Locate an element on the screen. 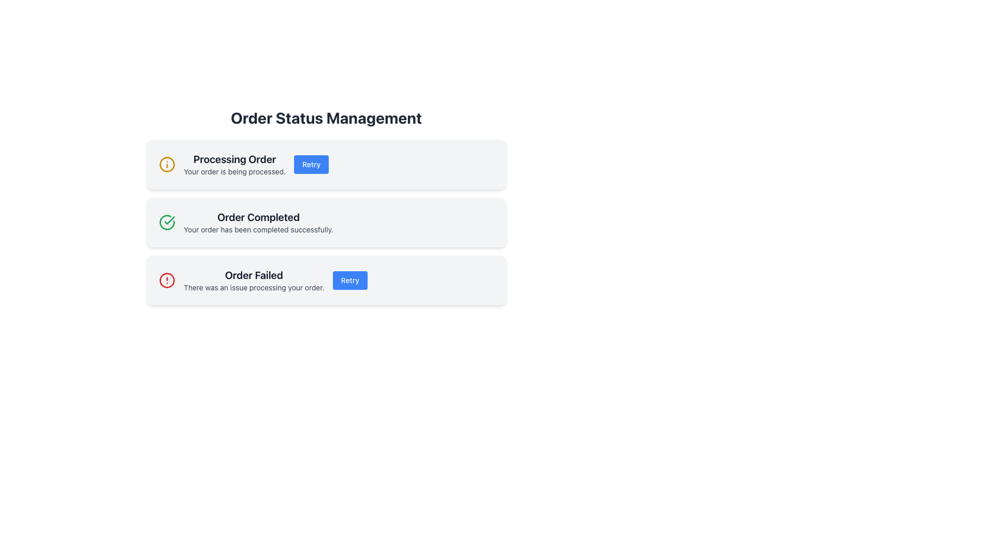 This screenshot has height=559, width=994. the status heading text label that indicates the current processing status of an order, which is located at the top of the first status item in a vertical list is located at coordinates (234, 159).